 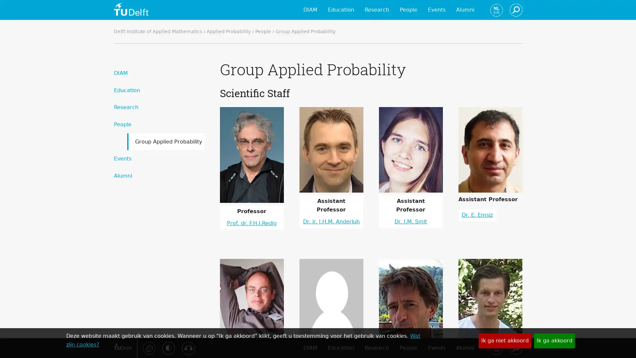 I want to click on Zoeken, so click(x=515, y=10).